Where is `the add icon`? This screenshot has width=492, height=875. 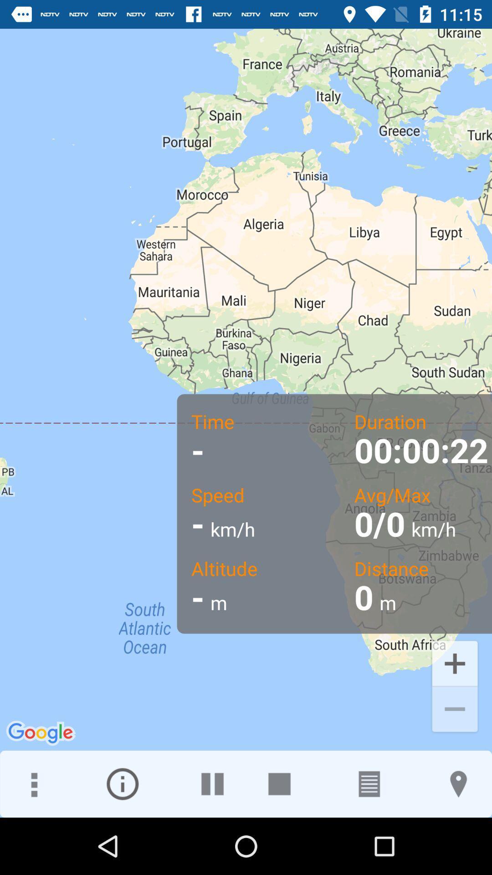 the add icon is located at coordinates (455, 663).